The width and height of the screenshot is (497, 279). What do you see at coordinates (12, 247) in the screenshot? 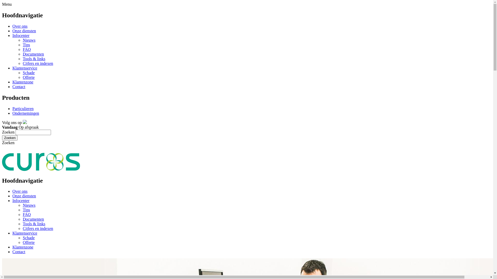
I see `'Klantenzone'` at bounding box center [12, 247].